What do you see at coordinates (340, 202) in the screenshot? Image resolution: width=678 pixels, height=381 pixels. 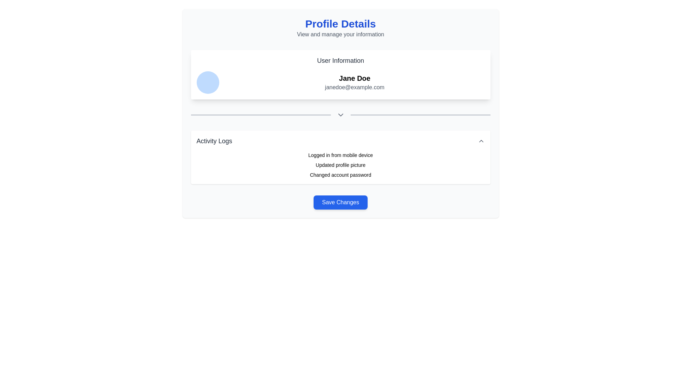 I see `the 'Save Changes' button located at the bottom of the interface` at bounding box center [340, 202].